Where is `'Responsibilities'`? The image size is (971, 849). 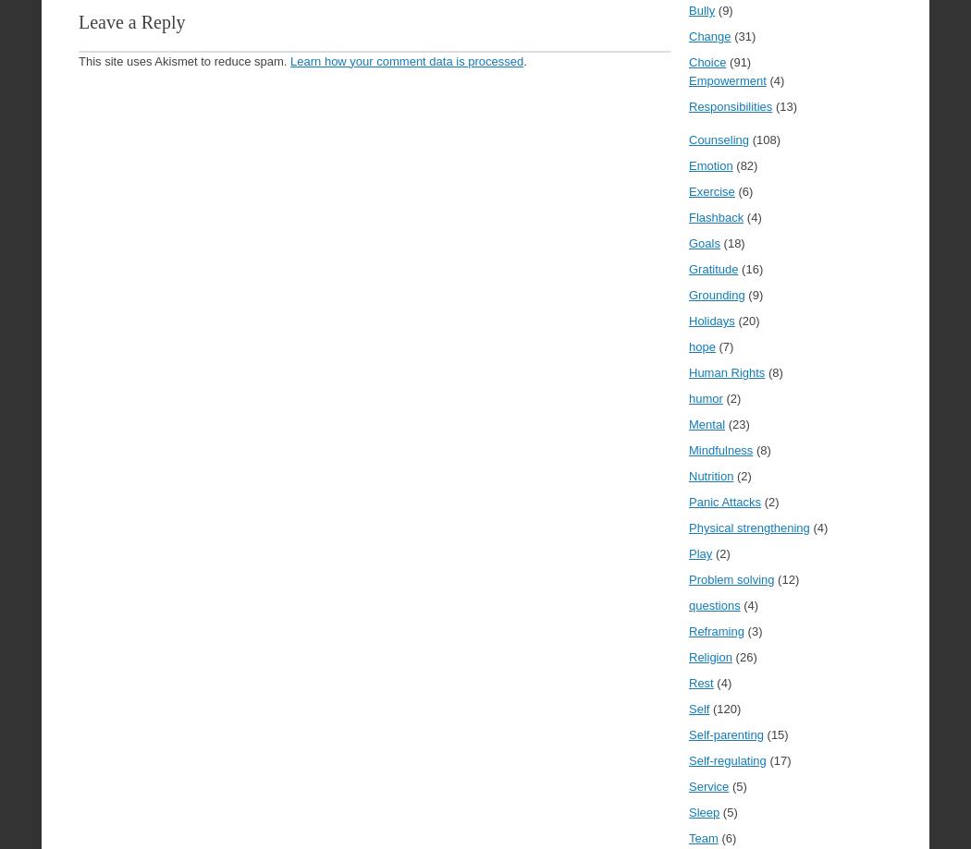
'Responsibilities' is located at coordinates (730, 105).